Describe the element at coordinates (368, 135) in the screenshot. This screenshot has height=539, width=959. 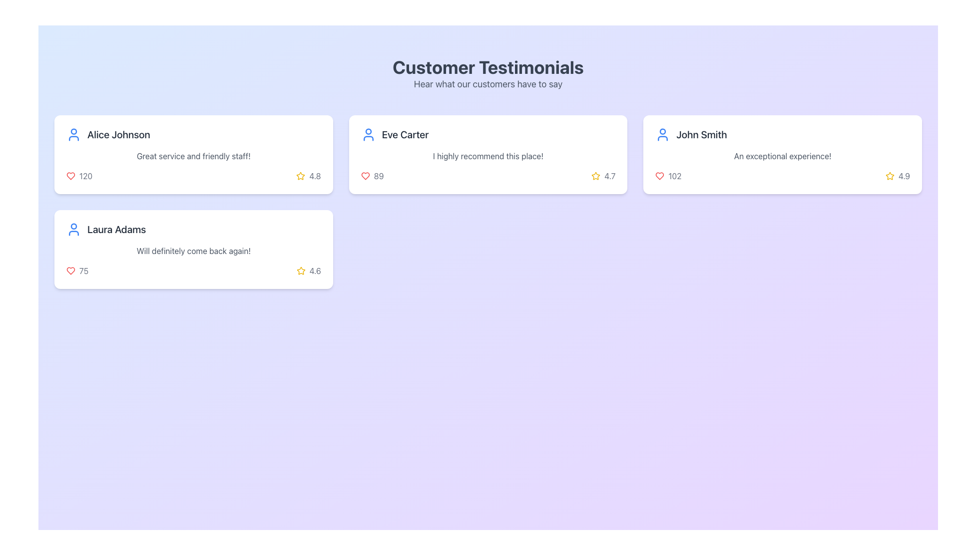
I see `the user profile icon representing 'Eve Carter', which is positioned to the left of the text 'Eve Carter'` at that location.